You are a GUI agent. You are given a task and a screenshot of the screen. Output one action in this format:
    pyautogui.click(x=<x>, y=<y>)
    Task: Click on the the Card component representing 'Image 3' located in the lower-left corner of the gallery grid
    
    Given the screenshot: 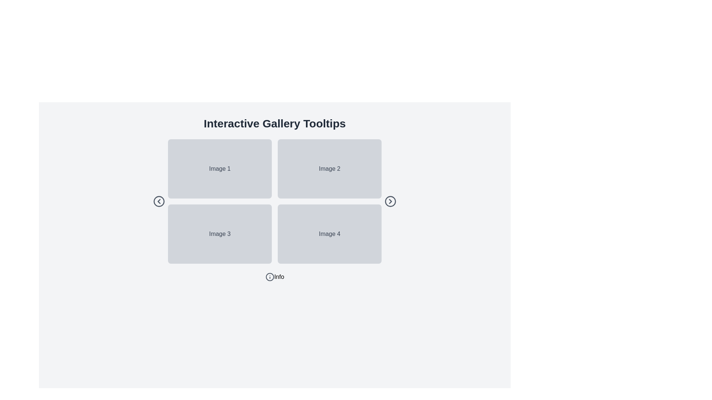 What is the action you would take?
    pyautogui.click(x=220, y=234)
    